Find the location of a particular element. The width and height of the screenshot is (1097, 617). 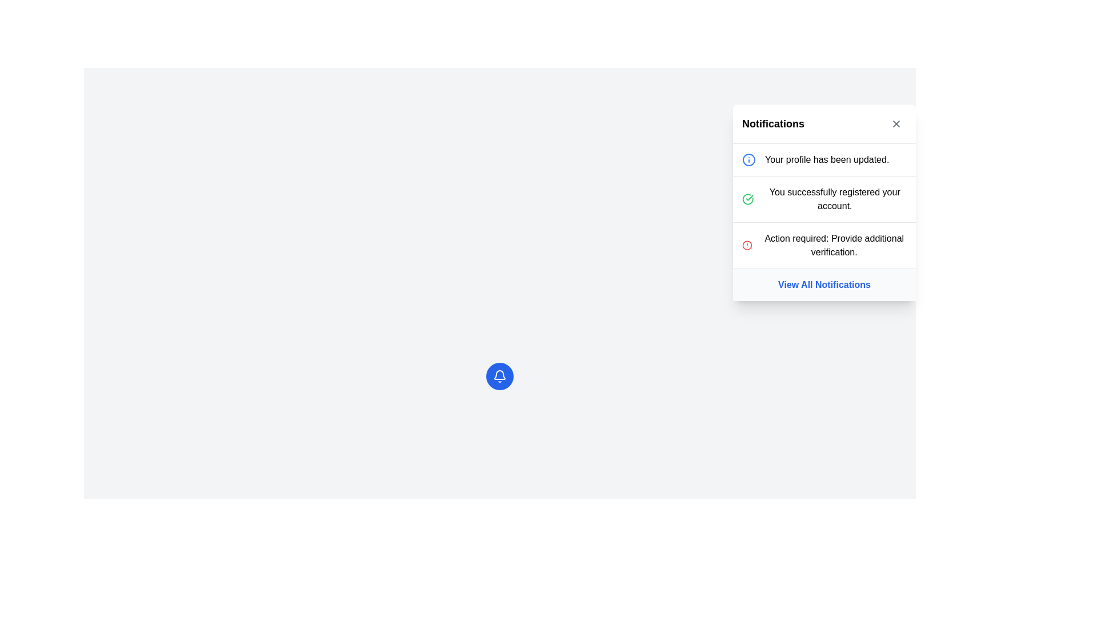

the success message text label that notifies the user about successful account registration, located in the middle of a notification card as the second notification is located at coordinates (835, 198).